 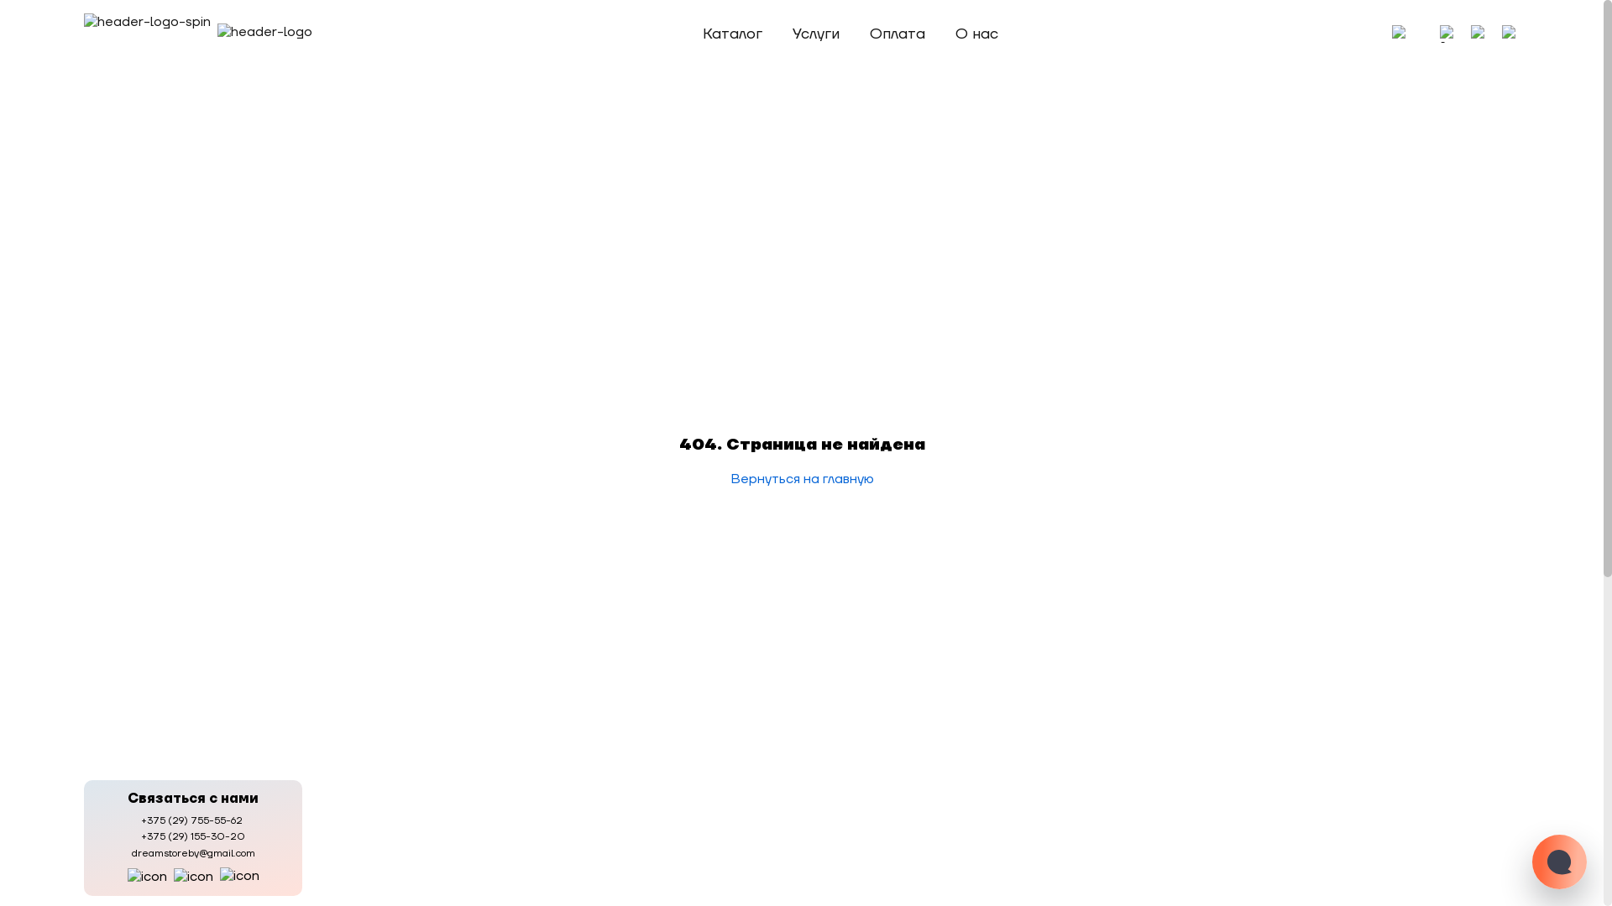 I want to click on '+375 (29) 155-30-20', so click(x=193, y=836).